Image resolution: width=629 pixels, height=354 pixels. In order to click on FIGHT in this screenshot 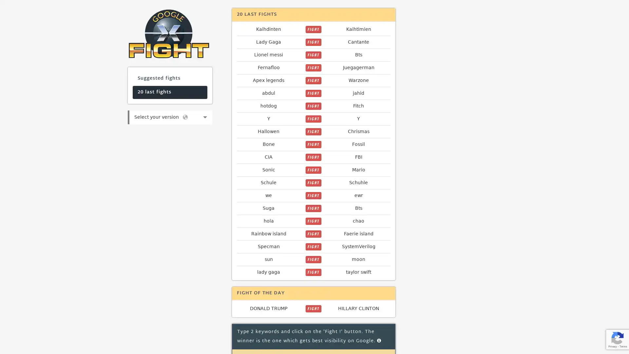, I will do `click(313, 106)`.